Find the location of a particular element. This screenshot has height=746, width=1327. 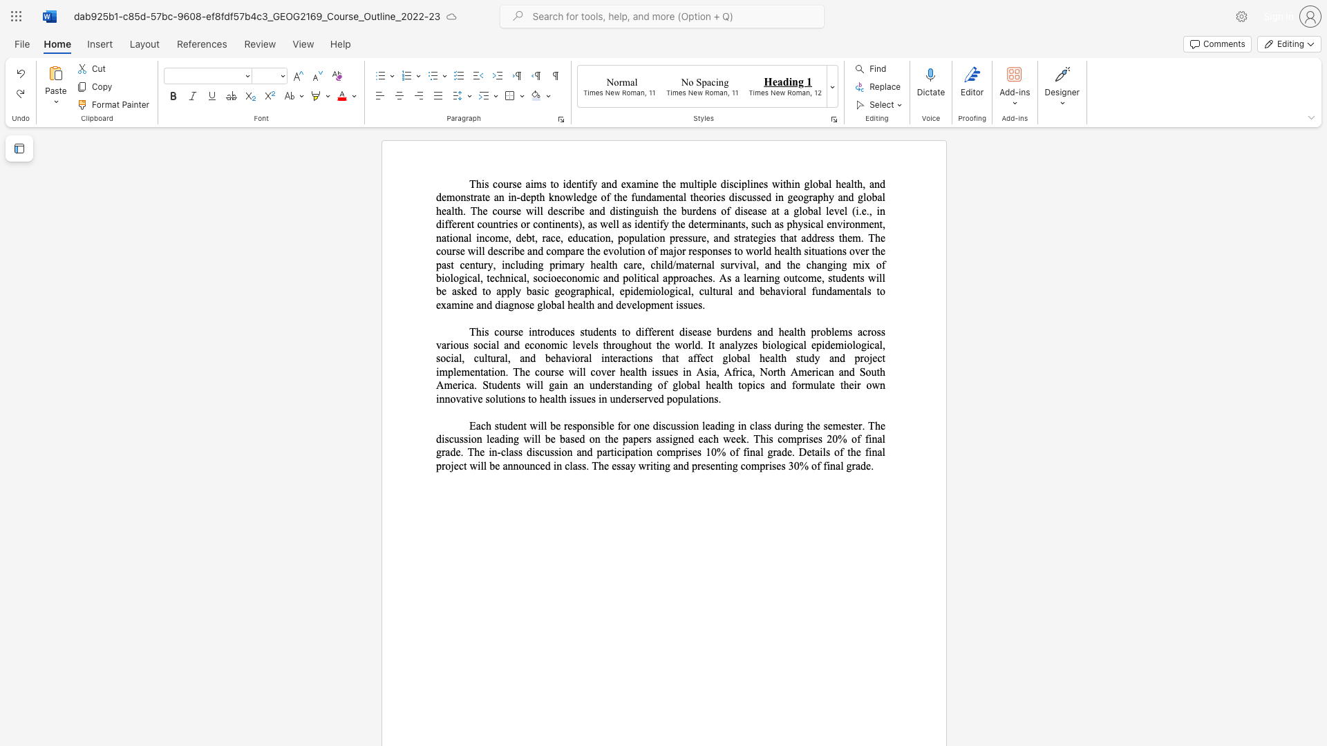

the subset text "issues." within the text "geographical, epidemiological, cultural and behavioral fundamentals to examine and diagnose global health and development issues." is located at coordinates (676, 304).